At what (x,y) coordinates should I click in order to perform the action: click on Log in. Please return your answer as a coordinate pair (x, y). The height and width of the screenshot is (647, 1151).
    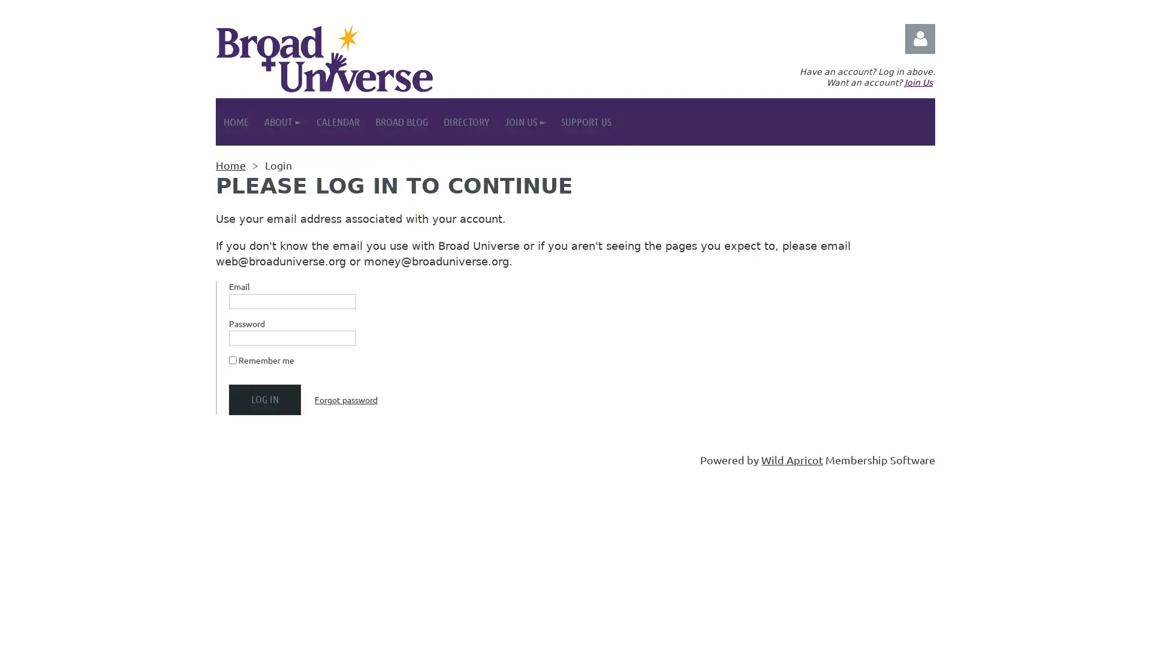
    Looking at the image, I should click on (264, 400).